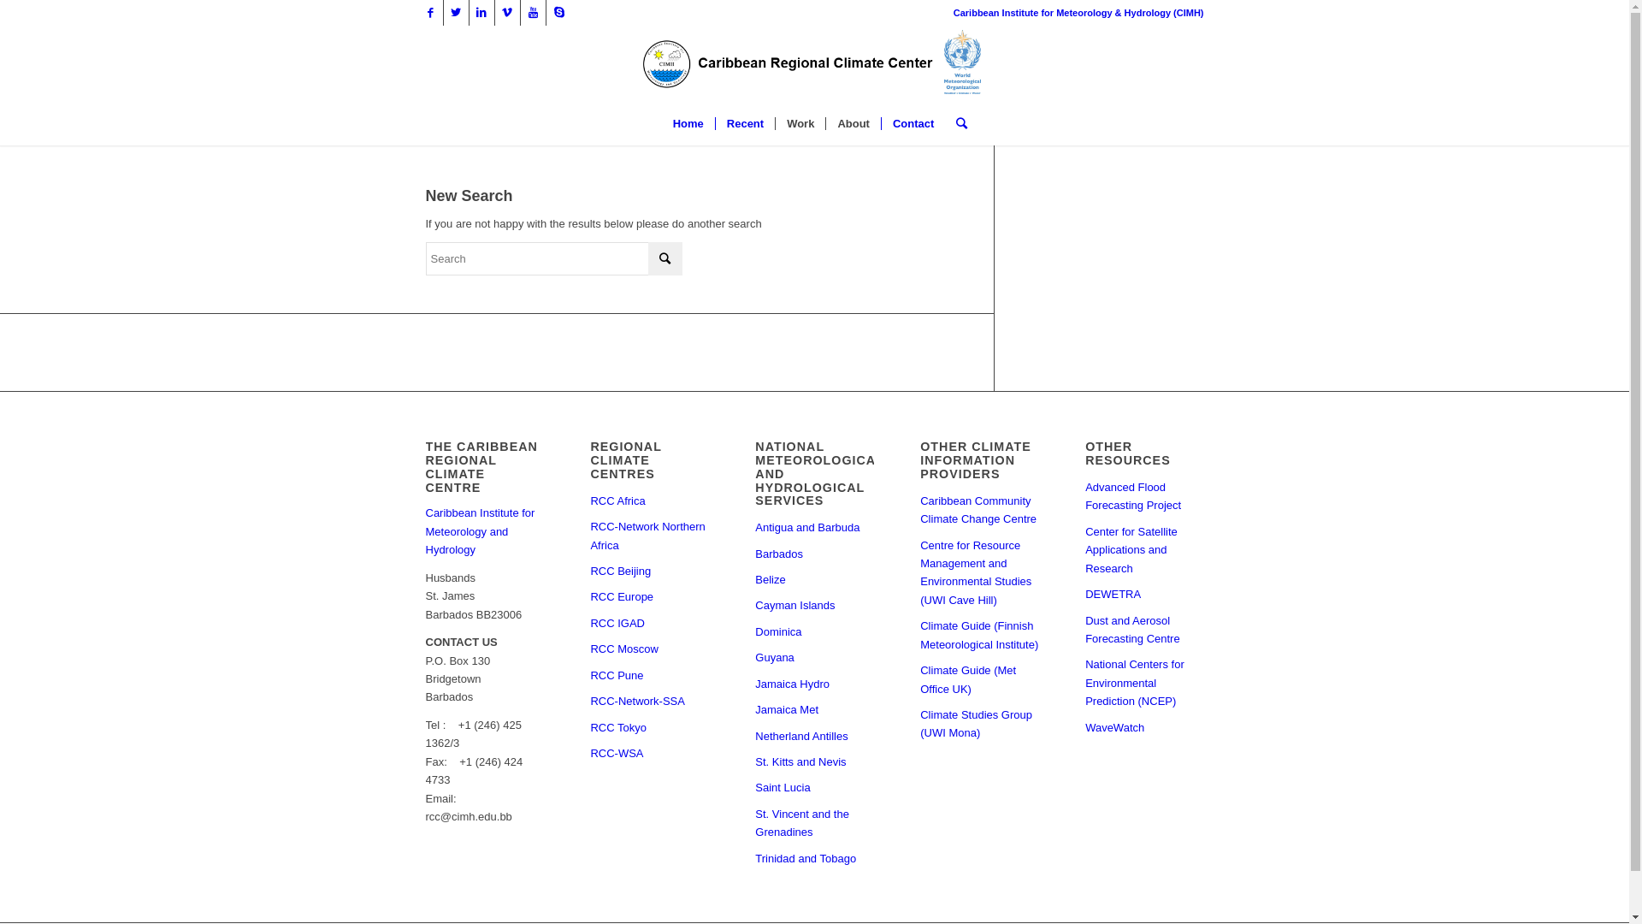 The width and height of the screenshot is (1642, 924). I want to click on 'Work', so click(774, 123).